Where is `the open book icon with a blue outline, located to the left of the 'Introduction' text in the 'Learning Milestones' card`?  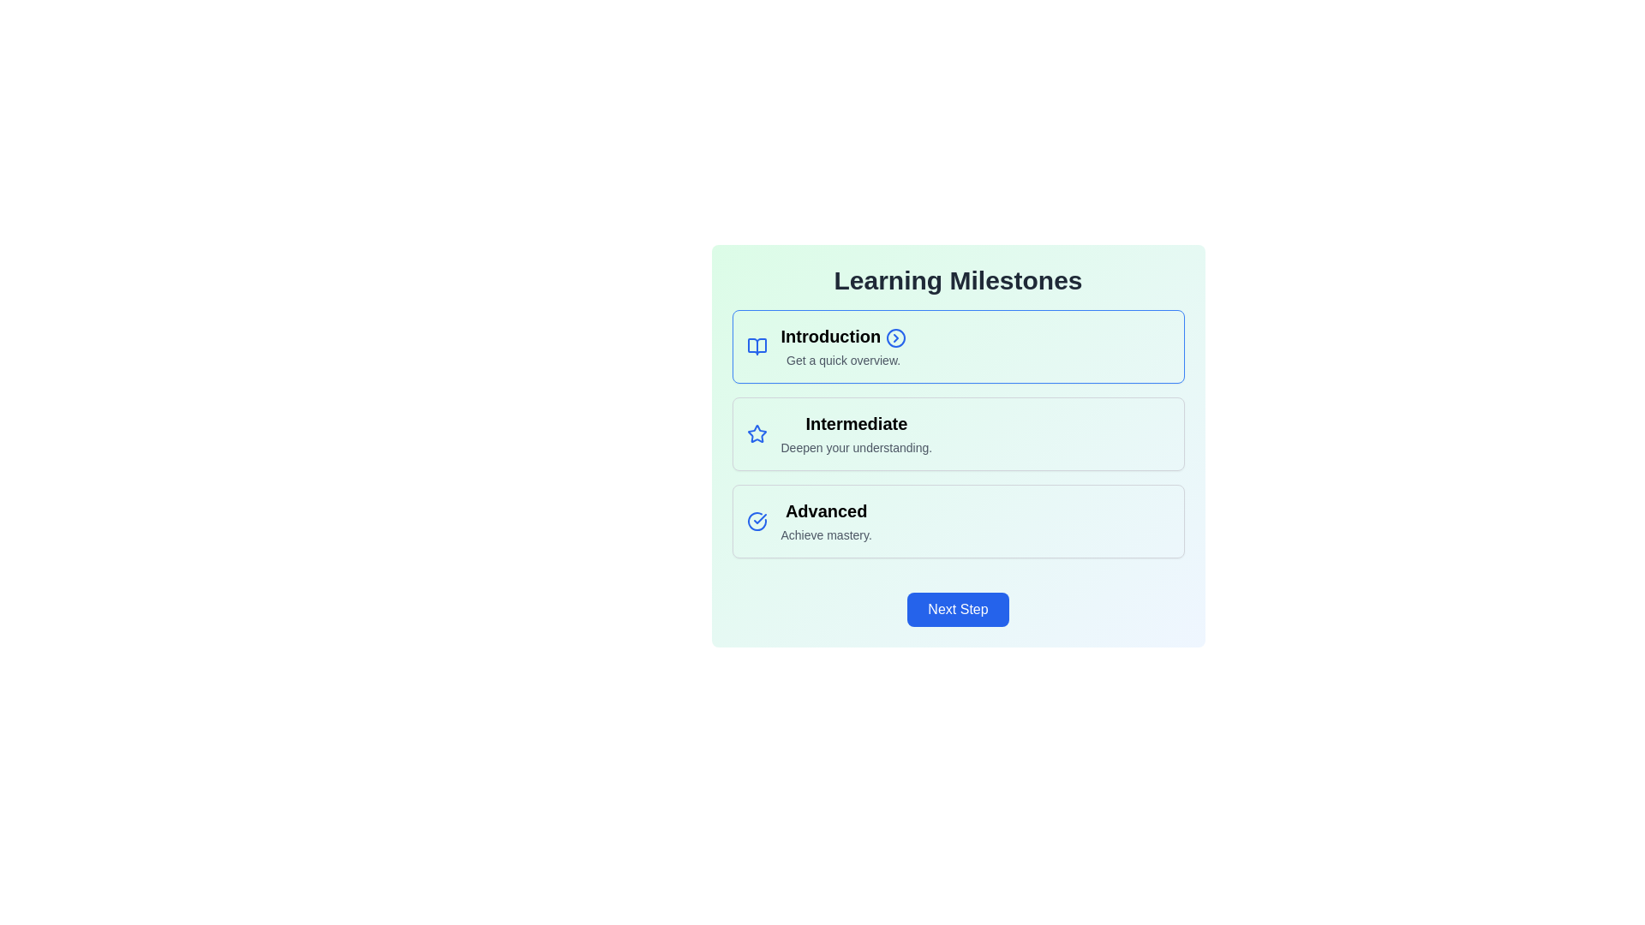
the open book icon with a blue outline, located to the left of the 'Introduction' text in the 'Learning Milestones' card is located at coordinates (756, 347).